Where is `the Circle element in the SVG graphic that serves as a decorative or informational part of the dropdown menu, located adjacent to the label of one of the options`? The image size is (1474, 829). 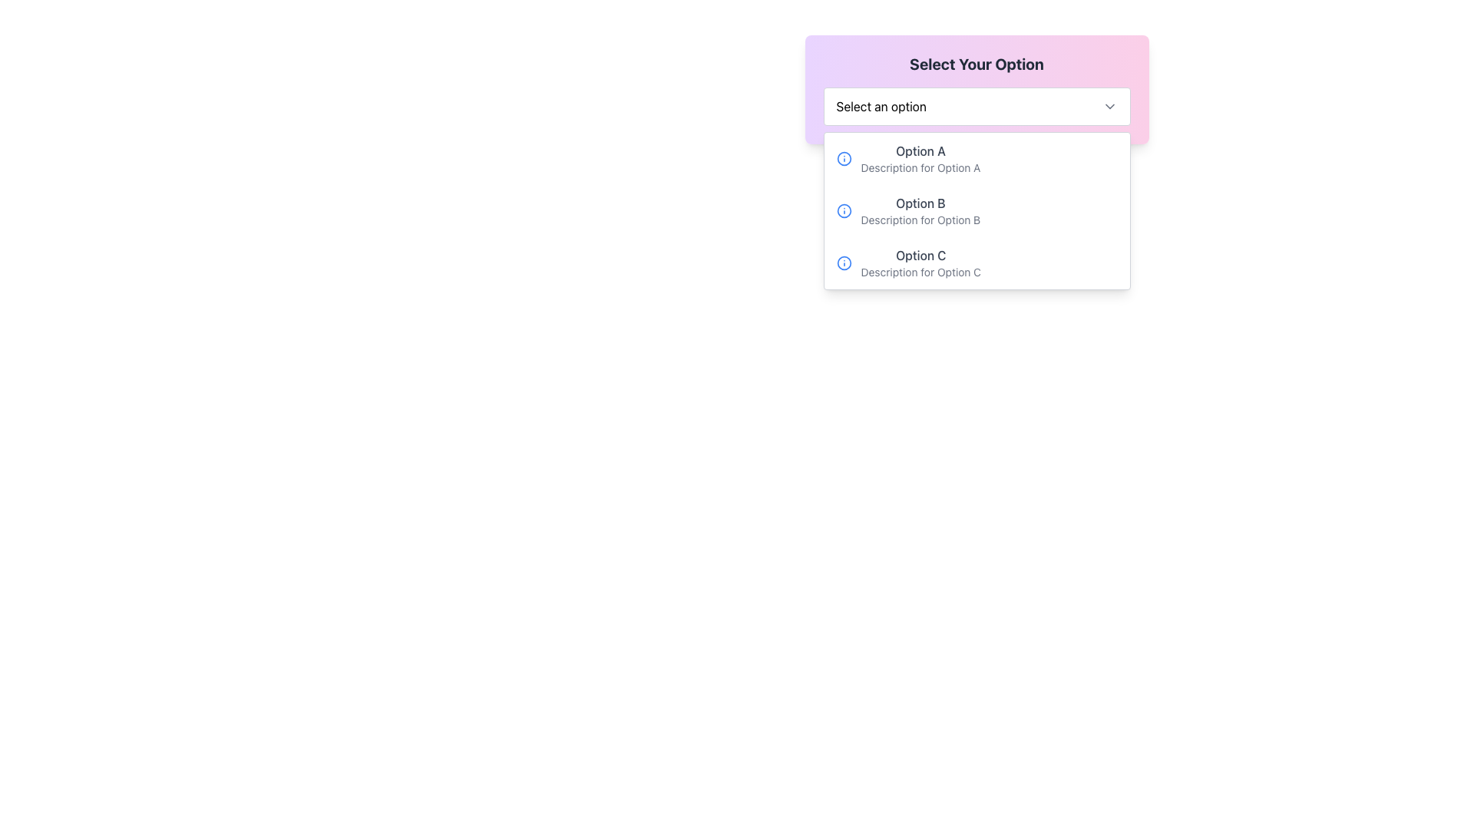
the Circle element in the SVG graphic that serves as a decorative or informational part of the dropdown menu, located adjacent to the label of one of the options is located at coordinates (843, 159).